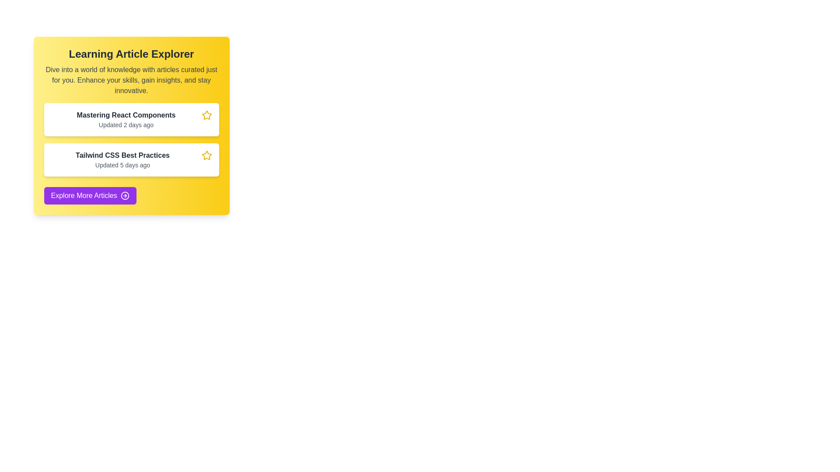  I want to click on the section title 'Learning Article Explorer', which is displayed in large, bold, dark text at the top of a card with a yellow gradient background, so click(131, 54).